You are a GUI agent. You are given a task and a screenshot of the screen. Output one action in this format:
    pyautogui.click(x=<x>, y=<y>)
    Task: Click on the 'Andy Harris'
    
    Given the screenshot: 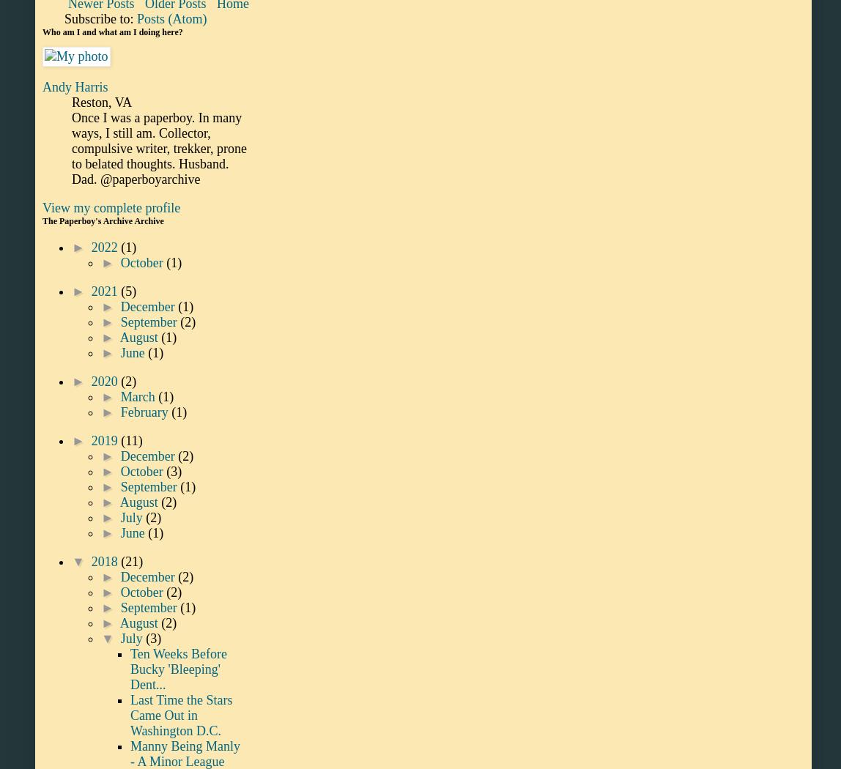 What is the action you would take?
    pyautogui.click(x=42, y=86)
    